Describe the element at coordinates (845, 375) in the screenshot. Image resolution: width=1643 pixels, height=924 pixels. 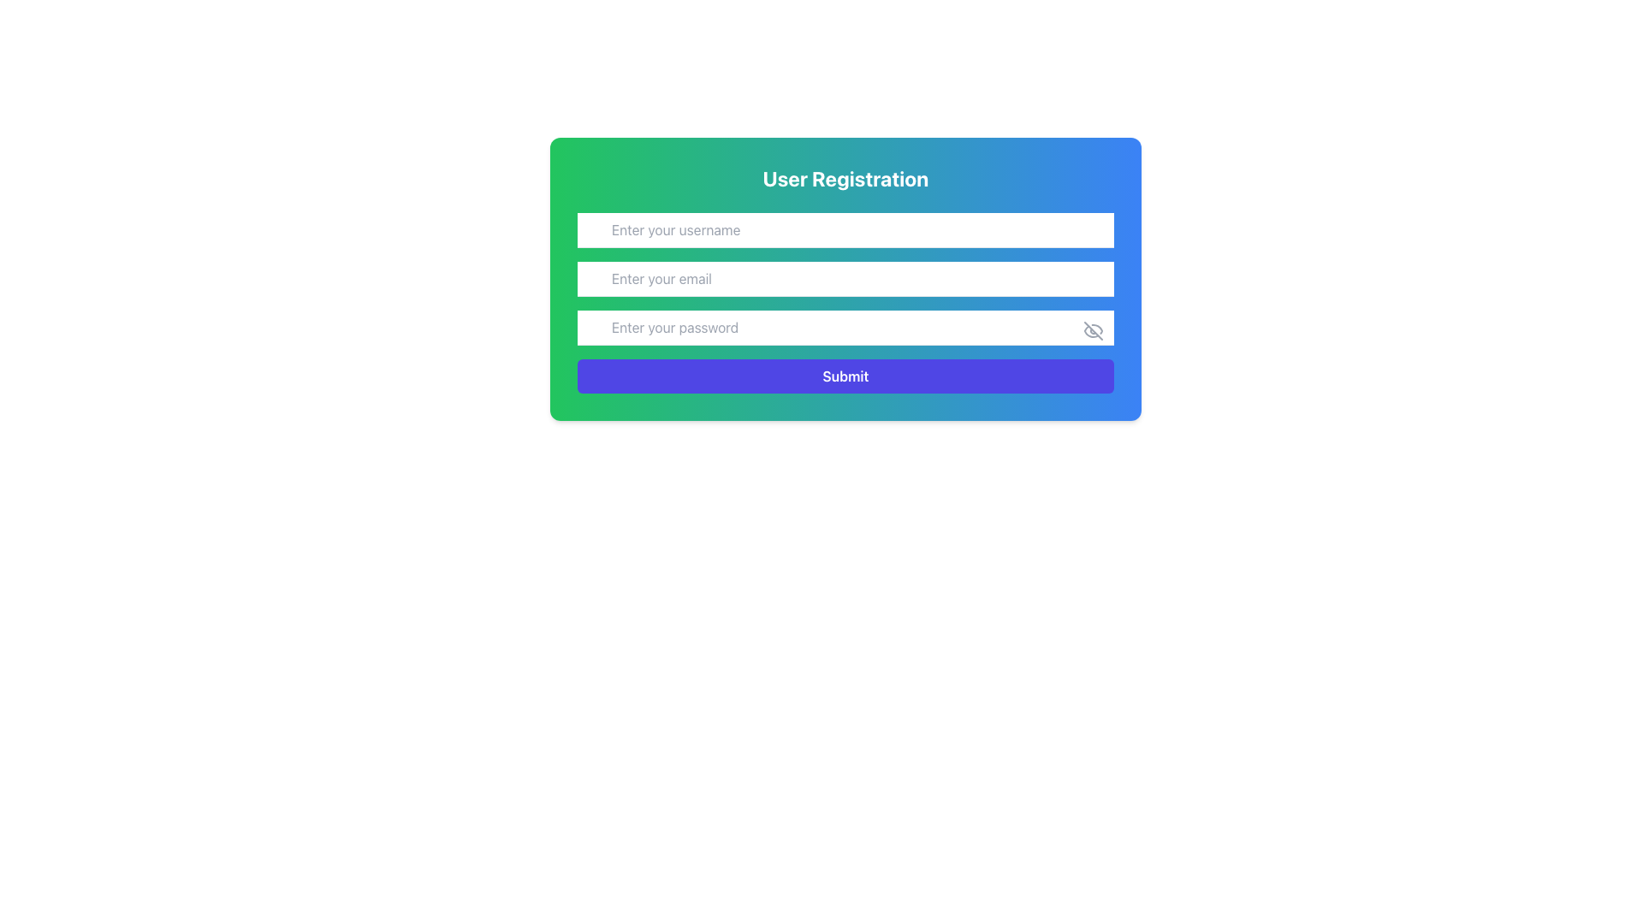
I see `the 'Submit' button, which is a rectangular button with a purple background and white text, located at the bottom of a registration panel, below the input fields` at that location.